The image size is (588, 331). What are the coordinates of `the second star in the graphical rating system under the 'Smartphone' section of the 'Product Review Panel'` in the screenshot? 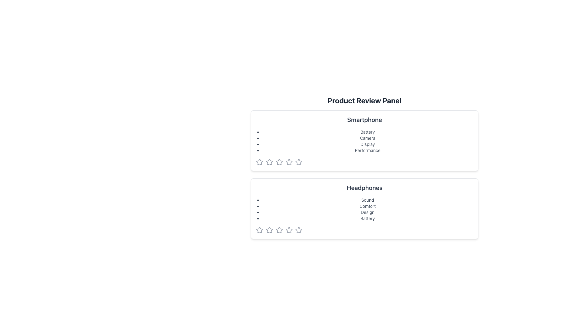 It's located at (269, 162).